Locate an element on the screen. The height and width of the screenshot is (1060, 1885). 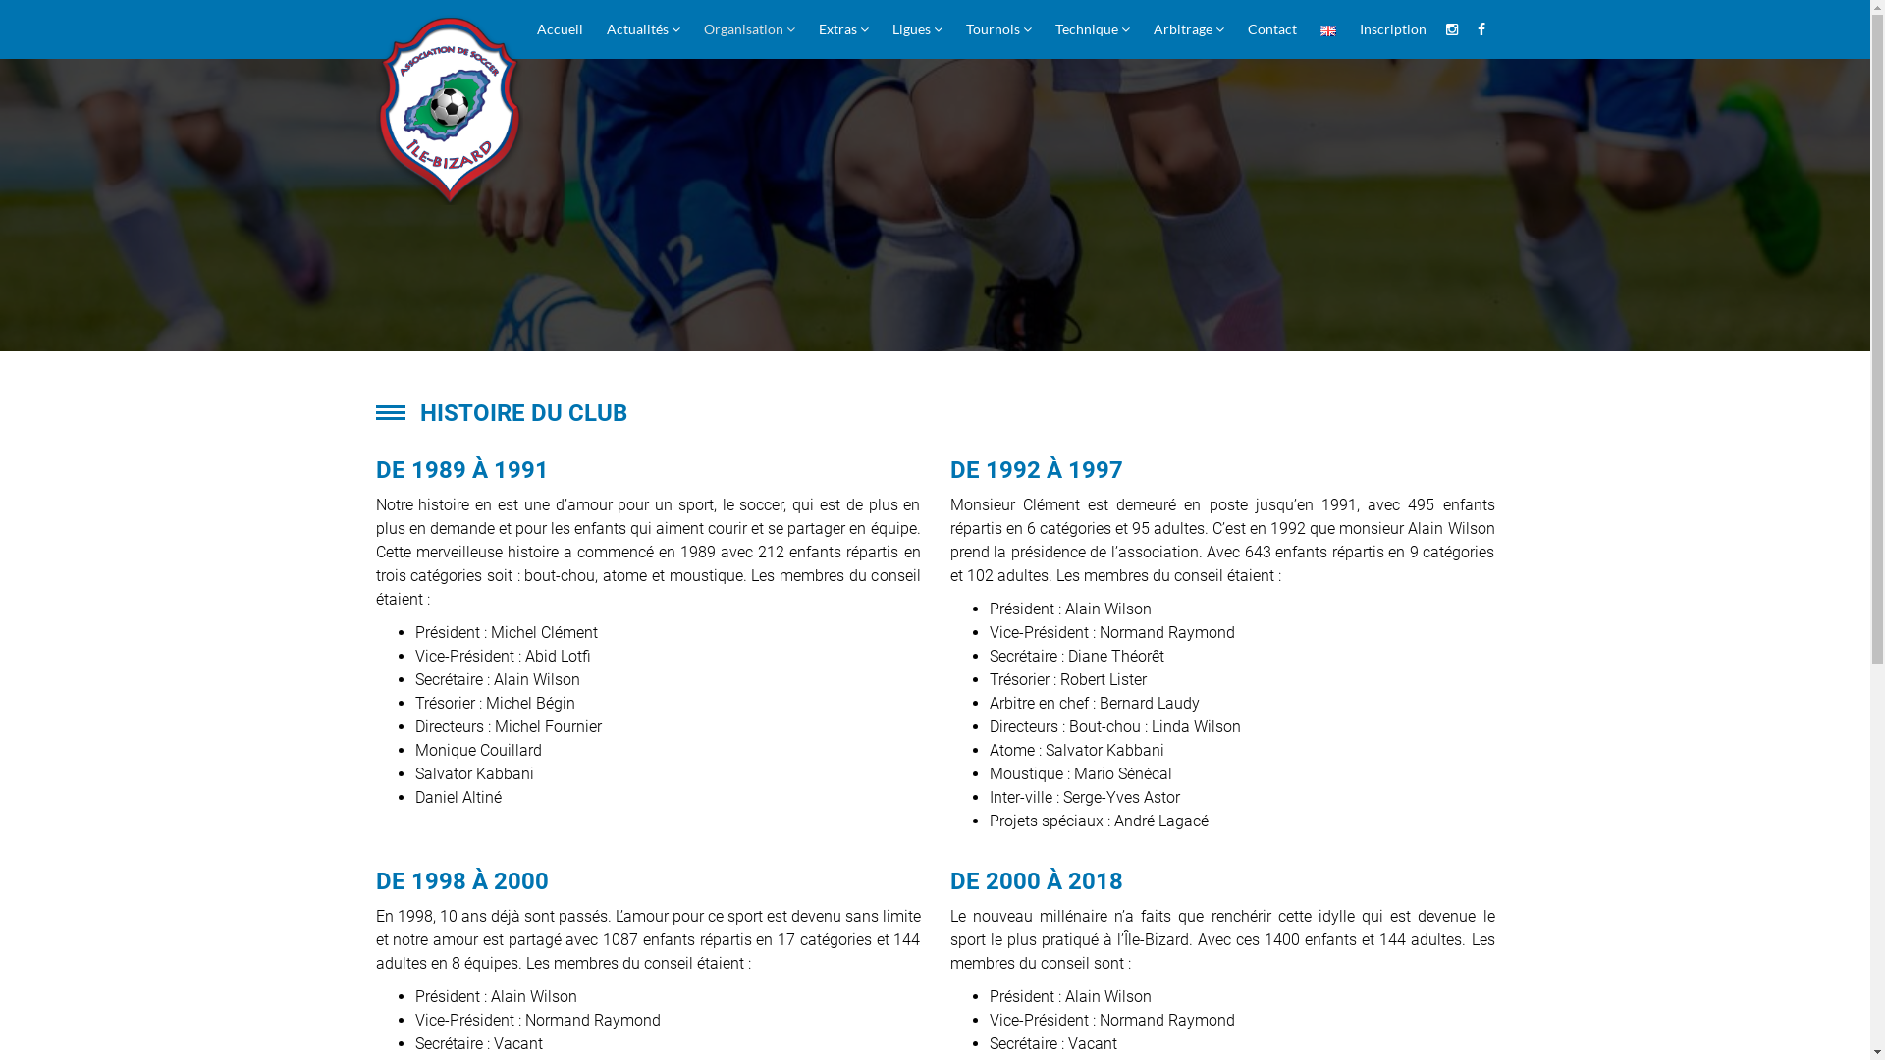
'Organisation' is located at coordinates (747, 29).